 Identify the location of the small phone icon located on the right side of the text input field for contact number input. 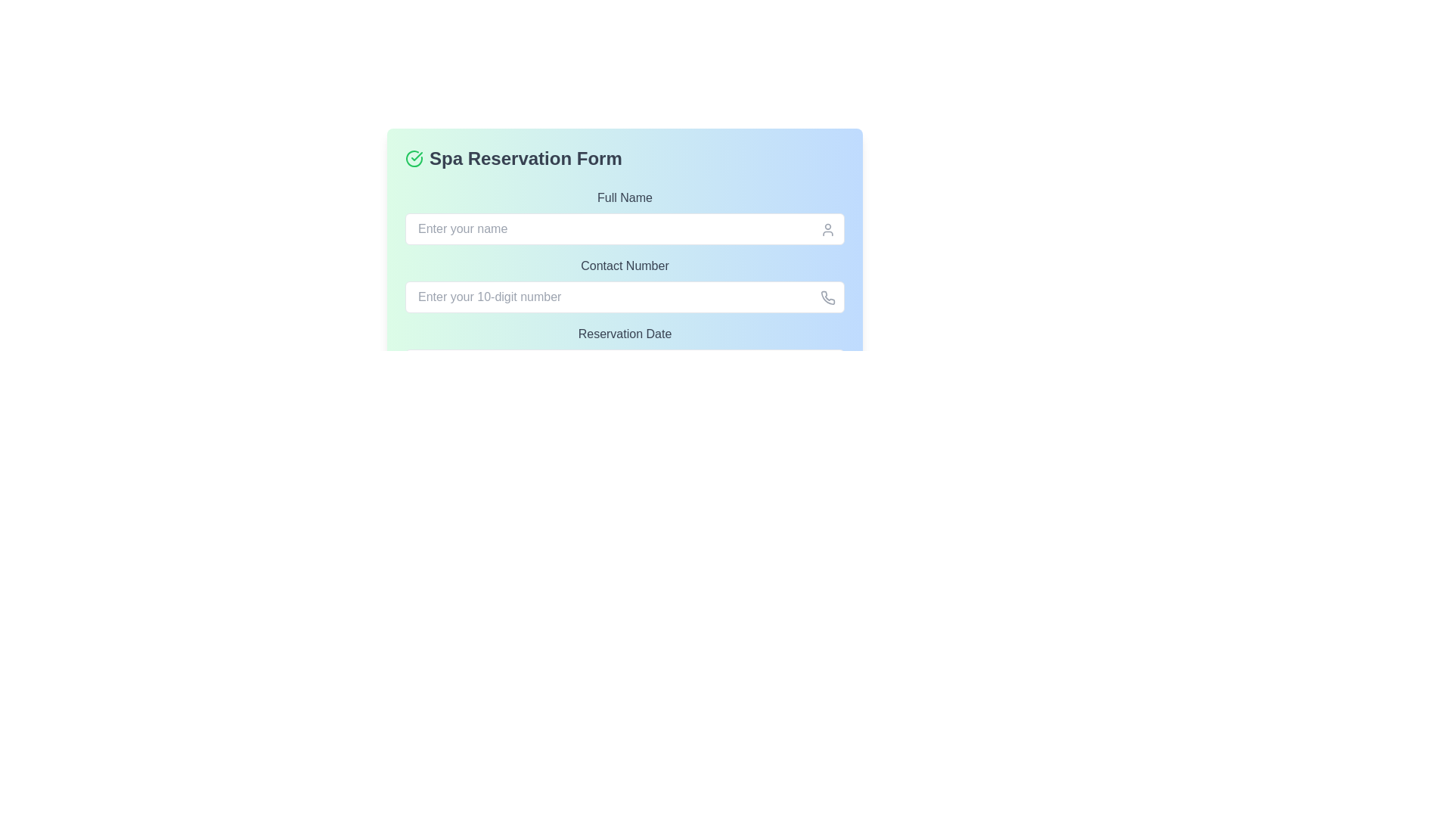
(827, 297).